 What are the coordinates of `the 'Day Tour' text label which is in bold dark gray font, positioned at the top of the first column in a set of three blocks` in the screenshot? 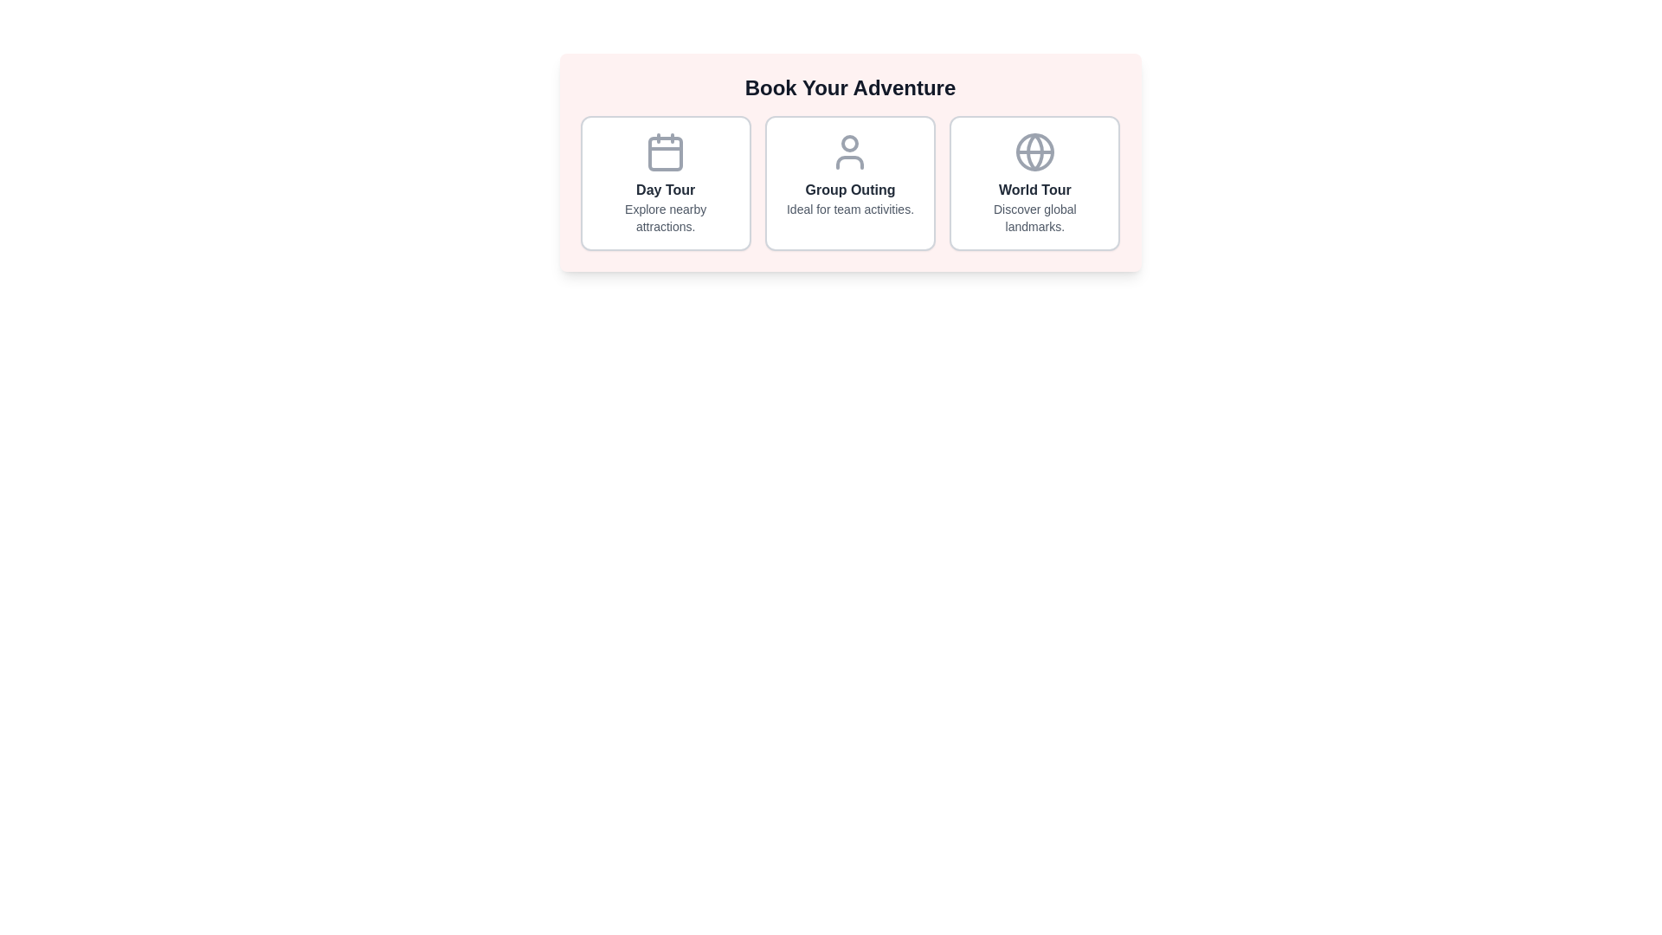 It's located at (665, 190).